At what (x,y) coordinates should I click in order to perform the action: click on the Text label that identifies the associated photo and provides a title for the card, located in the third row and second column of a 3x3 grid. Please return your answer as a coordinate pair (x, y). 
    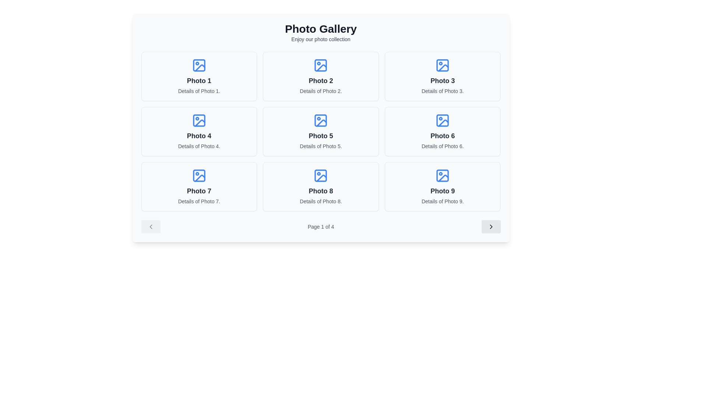
    Looking at the image, I should click on (321, 191).